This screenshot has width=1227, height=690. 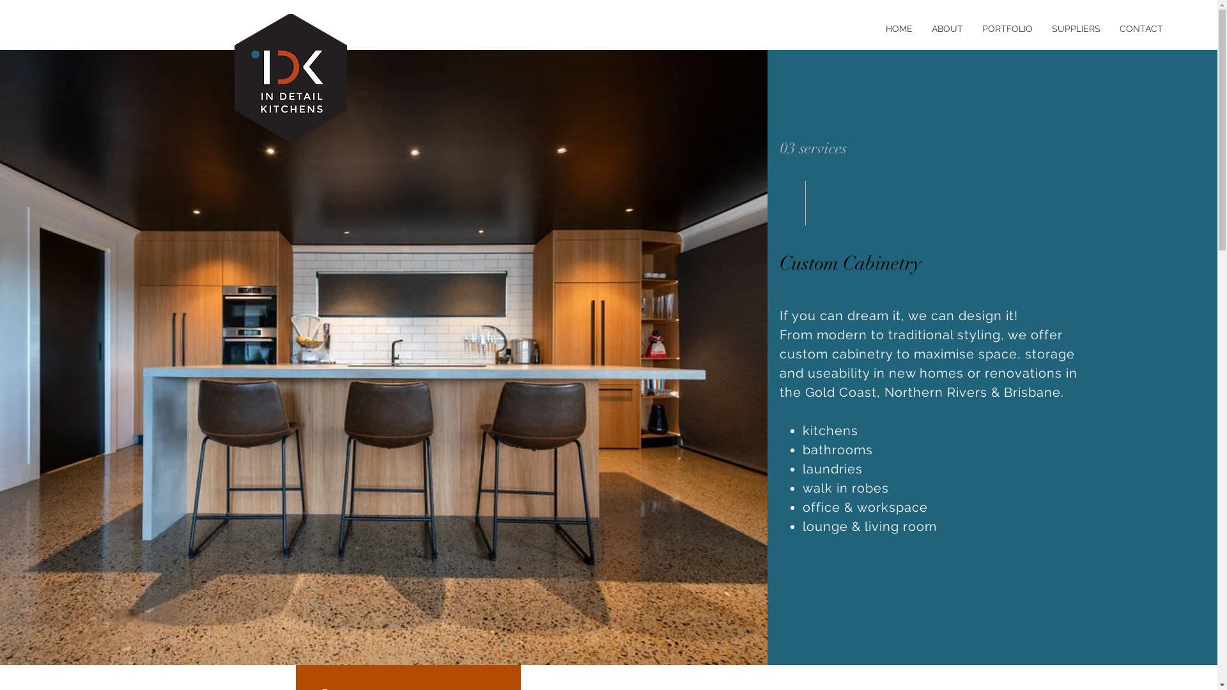 I want to click on 'PORTFOLIO', so click(x=1007, y=29).